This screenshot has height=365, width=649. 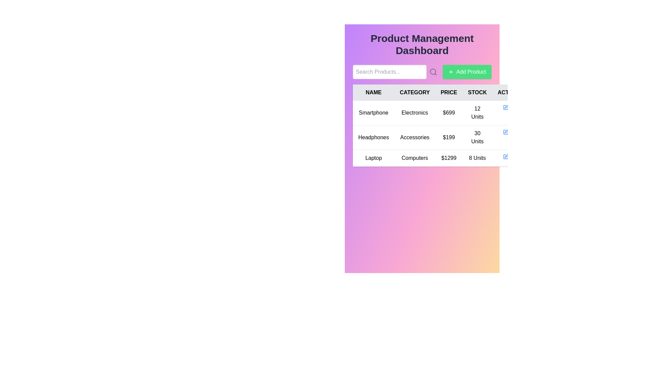 I want to click on the second row of the product details table for Headphones, so click(x=440, y=133).